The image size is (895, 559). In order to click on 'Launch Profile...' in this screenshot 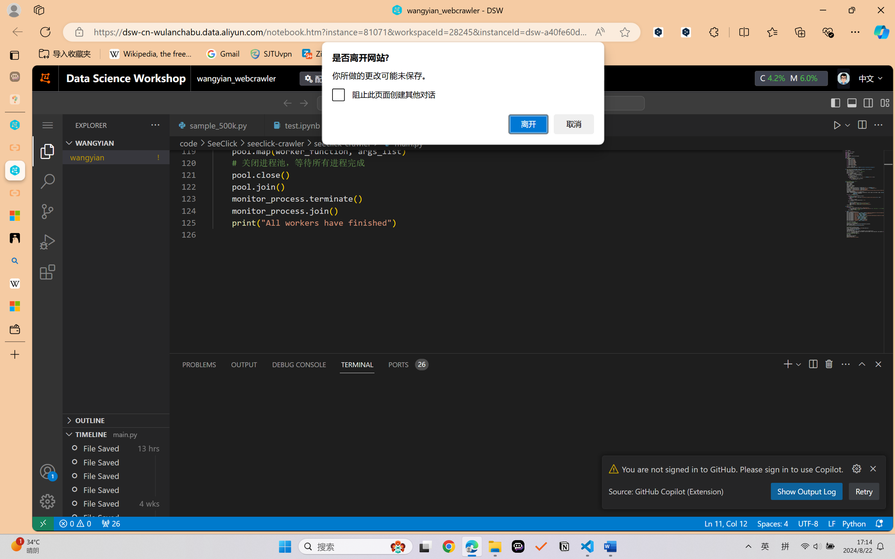, I will do `click(830, 364)`.